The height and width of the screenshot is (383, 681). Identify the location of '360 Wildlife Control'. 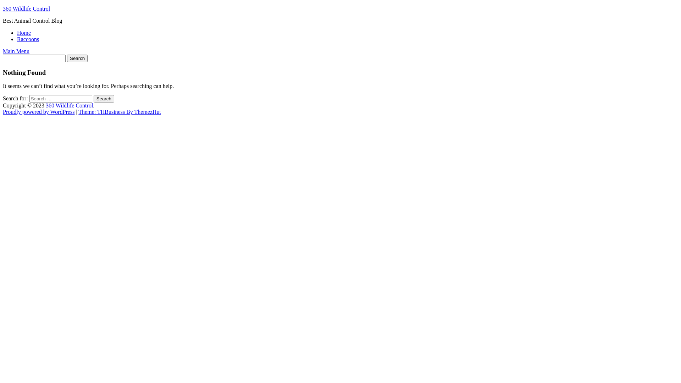
(26, 9).